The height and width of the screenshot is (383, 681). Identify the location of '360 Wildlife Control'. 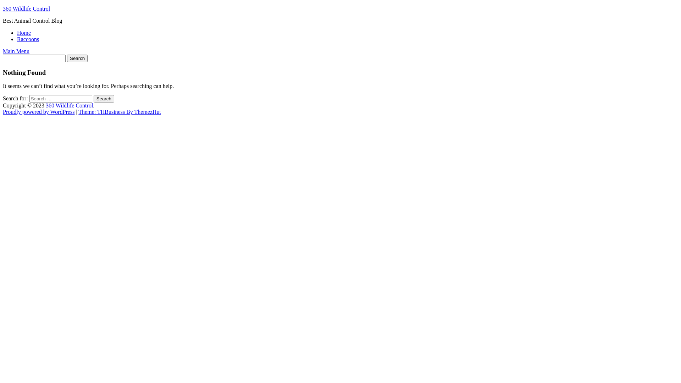
(26, 9).